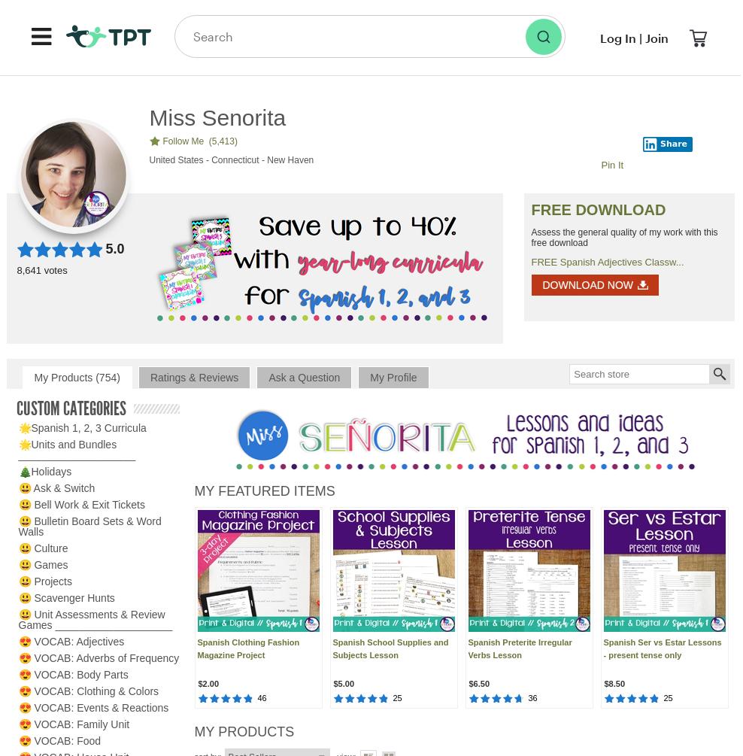 The width and height of the screenshot is (743, 756). I want to click on '🎄Holidays', so click(44, 471).